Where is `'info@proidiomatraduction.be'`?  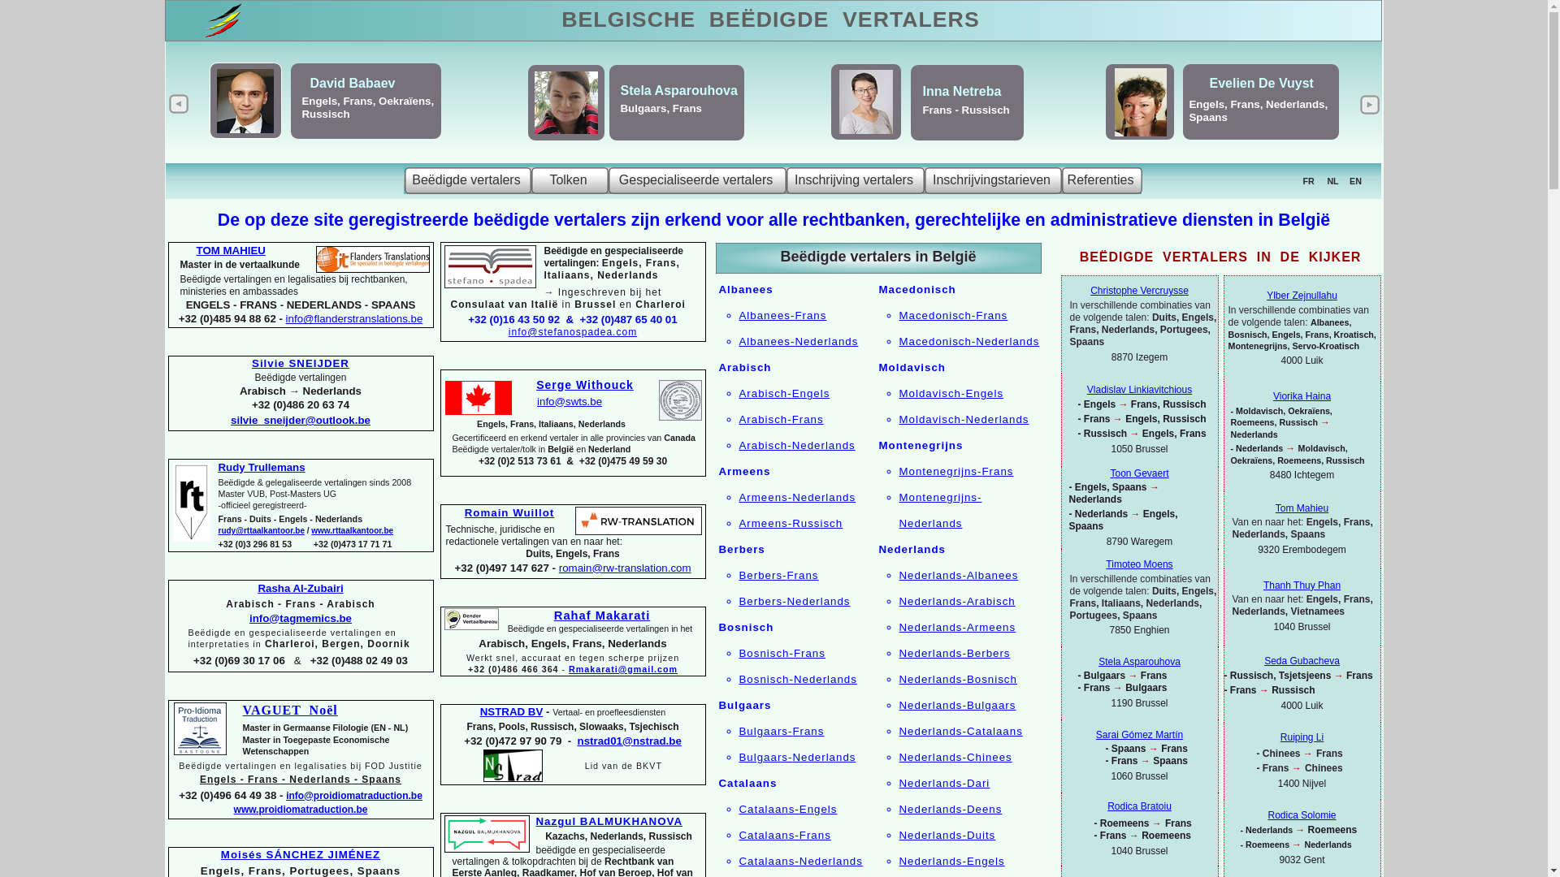
'info@proidiomatraduction.be' is located at coordinates (285, 794).